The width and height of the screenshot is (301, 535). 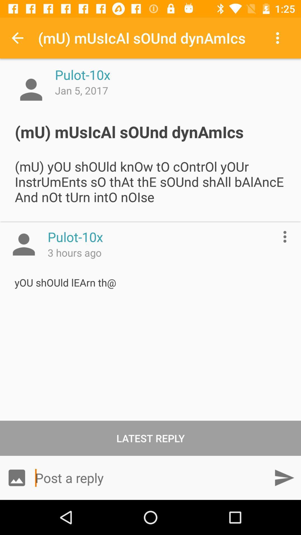 What do you see at coordinates (151, 438) in the screenshot?
I see `item below you should learn` at bounding box center [151, 438].